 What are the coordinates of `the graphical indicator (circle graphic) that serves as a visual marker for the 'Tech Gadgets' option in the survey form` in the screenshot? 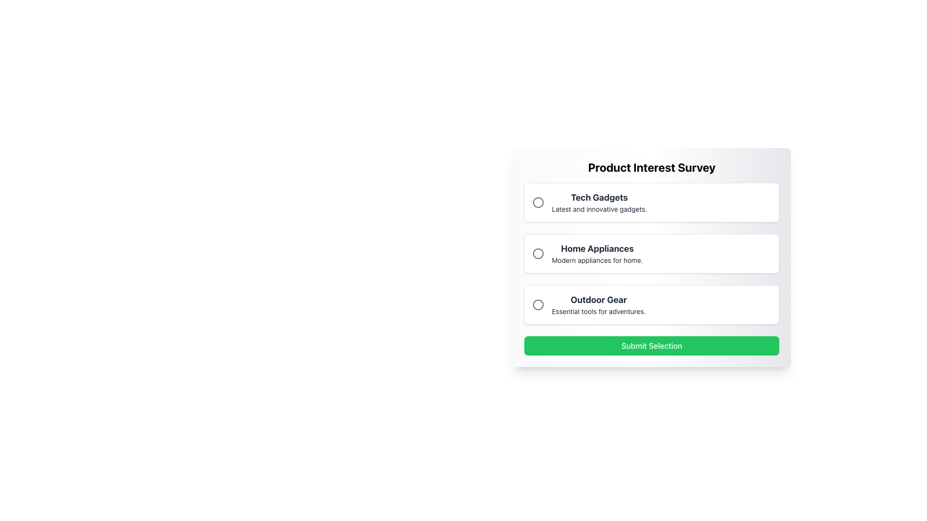 It's located at (537, 202).